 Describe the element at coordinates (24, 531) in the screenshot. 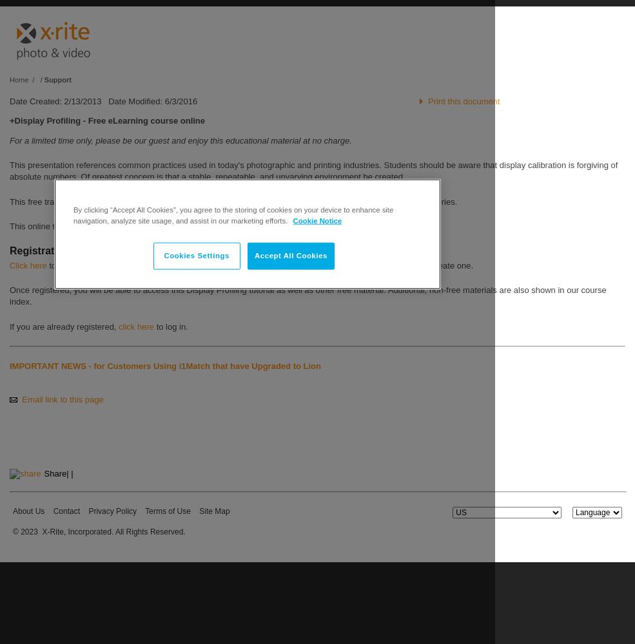

I see `'© 2023'` at that location.